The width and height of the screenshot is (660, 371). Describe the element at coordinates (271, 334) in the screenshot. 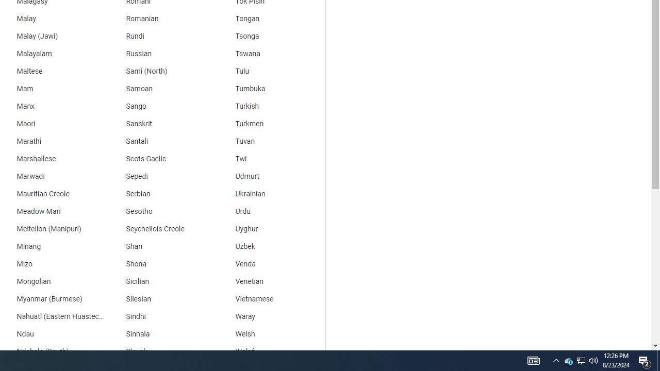

I see `'Welsh'` at that location.